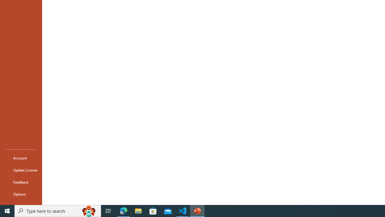 Image resolution: width=385 pixels, height=217 pixels. What do you see at coordinates (21, 158) in the screenshot?
I see `'Account'` at bounding box center [21, 158].